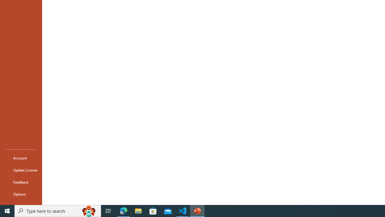 Image resolution: width=385 pixels, height=217 pixels. What do you see at coordinates (21, 158) in the screenshot?
I see `'Account'` at bounding box center [21, 158].